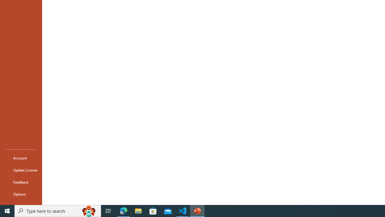 Image resolution: width=385 pixels, height=217 pixels. What do you see at coordinates (21, 158) in the screenshot?
I see `'Account'` at bounding box center [21, 158].